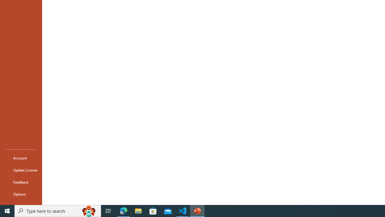 Image resolution: width=385 pixels, height=217 pixels. What do you see at coordinates (21, 158) in the screenshot?
I see `'Account'` at bounding box center [21, 158].